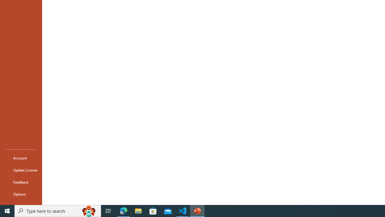 Image resolution: width=385 pixels, height=217 pixels. What do you see at coordinates (21, 158) in the screenshot?
I see `'Account'` at bounding box center [21, 158].